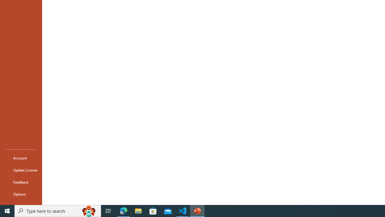 Image resolution: width=385 pixels, height=217 pixels. What do you see at coordinates (21, 158) in the screenshot?
I see `'Account'` at bounding box center [21, 158].